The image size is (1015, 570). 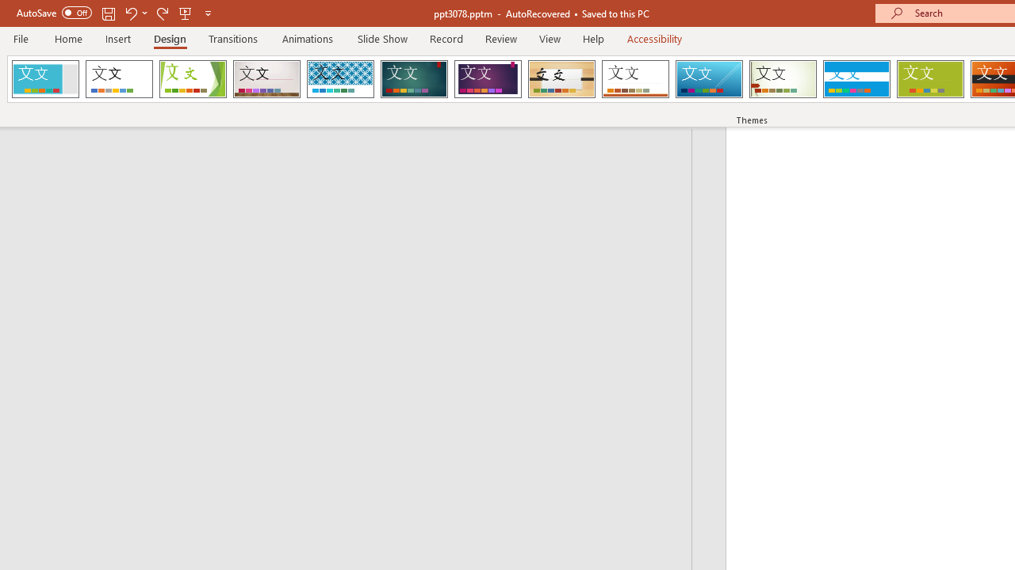 What do you see at coordinates (561, 79) in the screenshot?
I see `'Organic'` at bounding box center [561, 79].